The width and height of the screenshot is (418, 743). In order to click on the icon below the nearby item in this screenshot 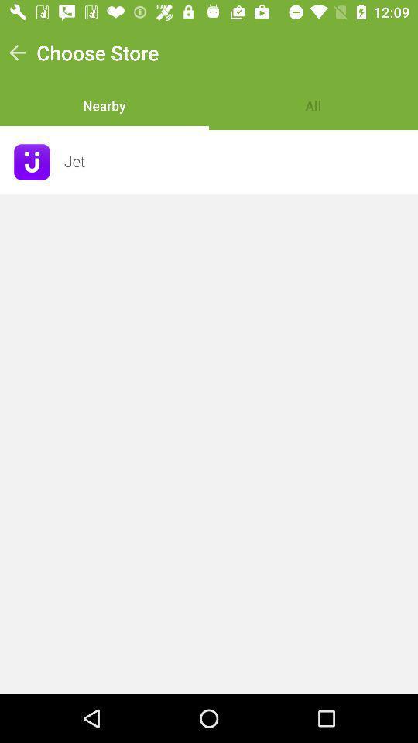, I will do `click(236, 162)`.